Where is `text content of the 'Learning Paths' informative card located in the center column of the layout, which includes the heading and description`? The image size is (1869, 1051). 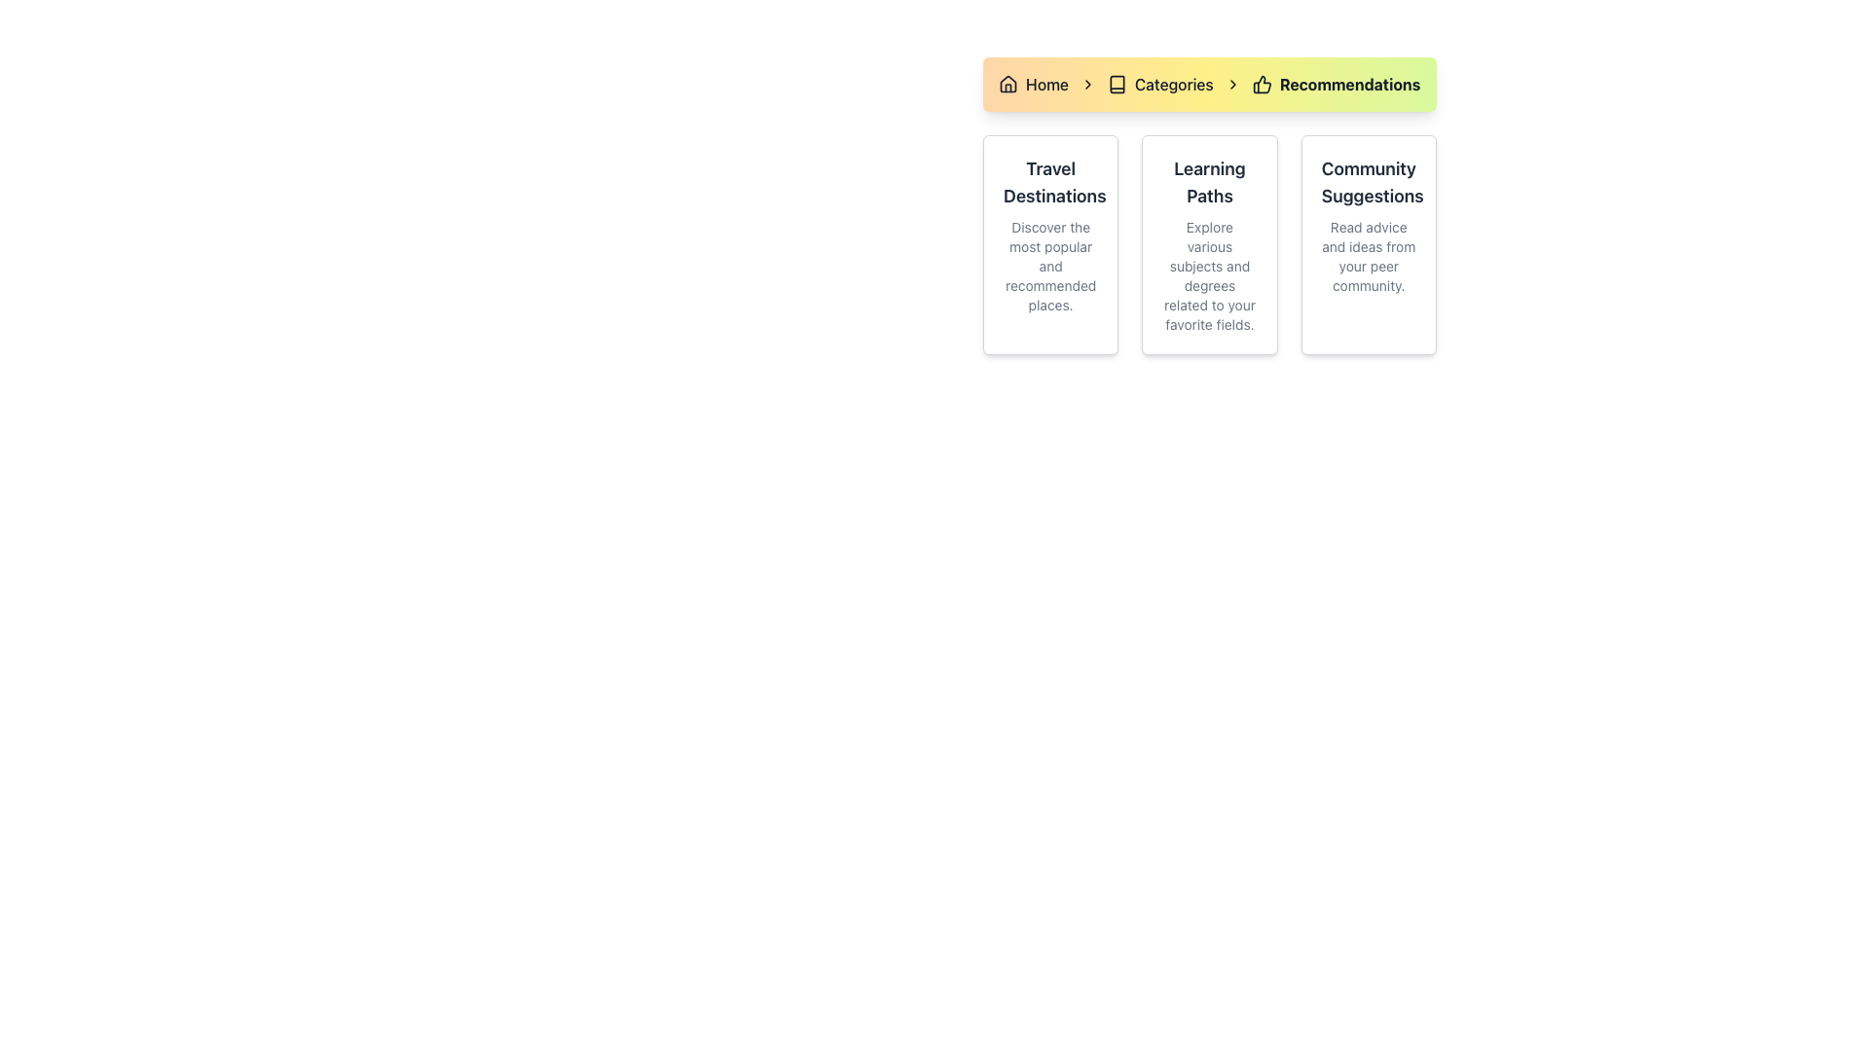
text content of the 'Learning Paths' informative card located in the center column of the layout, which includes the heading and description is located at coordinates (1209, 206).